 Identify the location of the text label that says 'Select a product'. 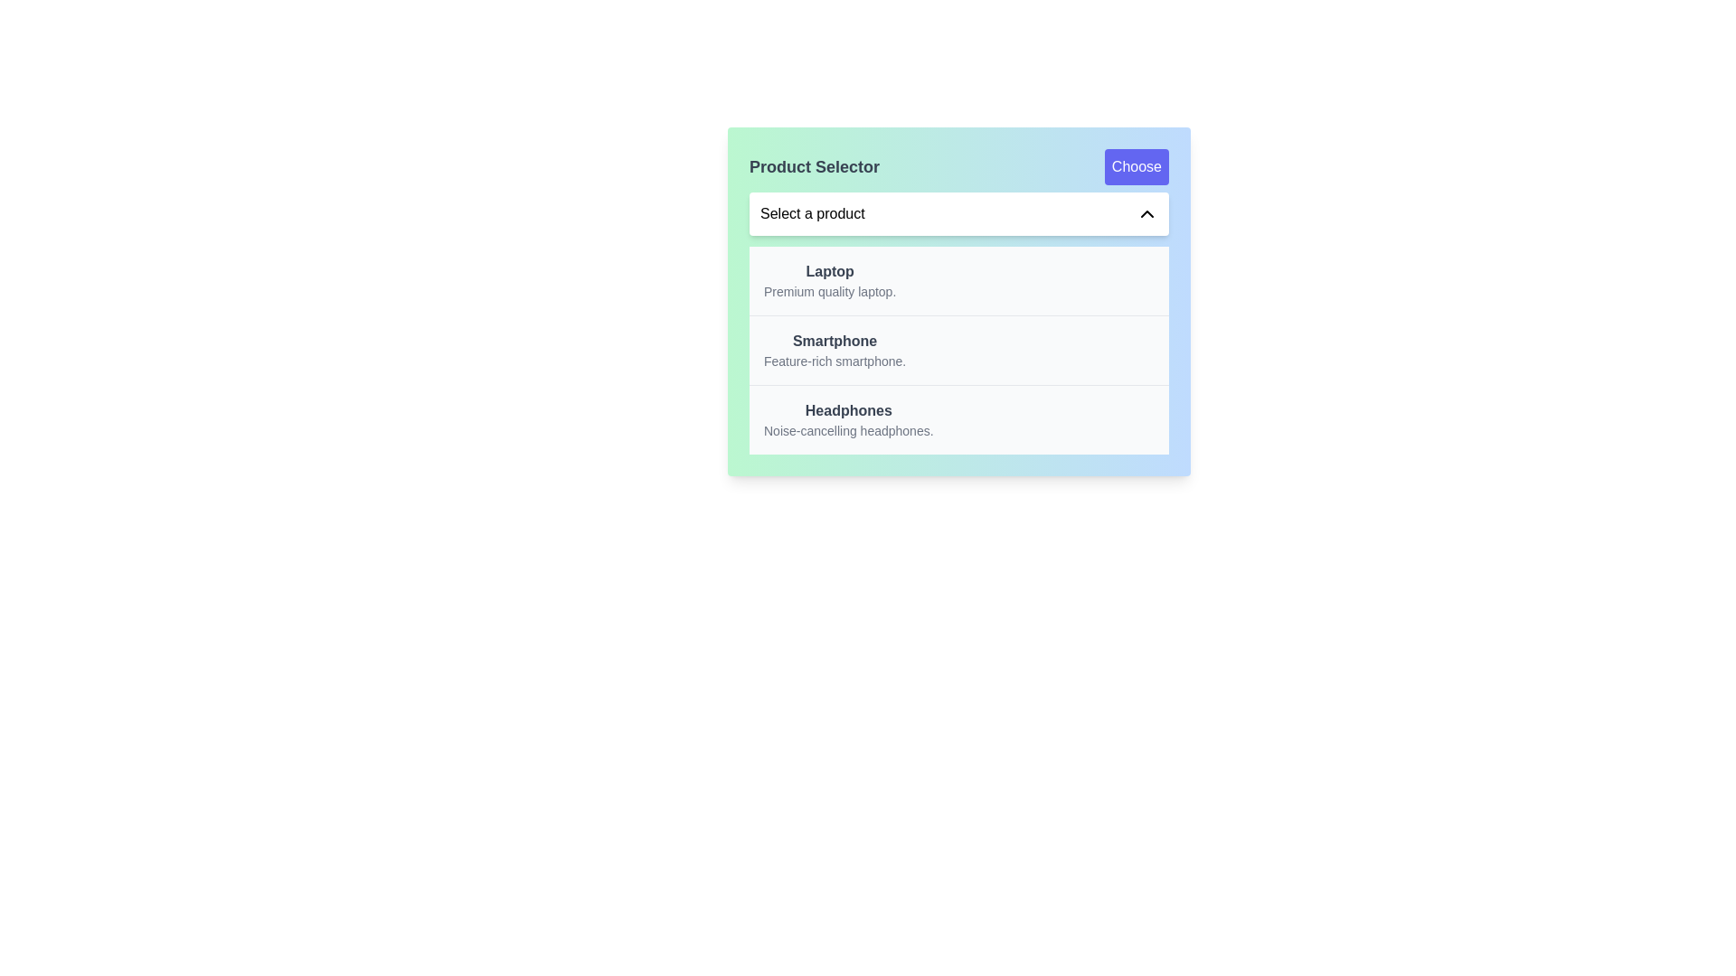
(811, 212).